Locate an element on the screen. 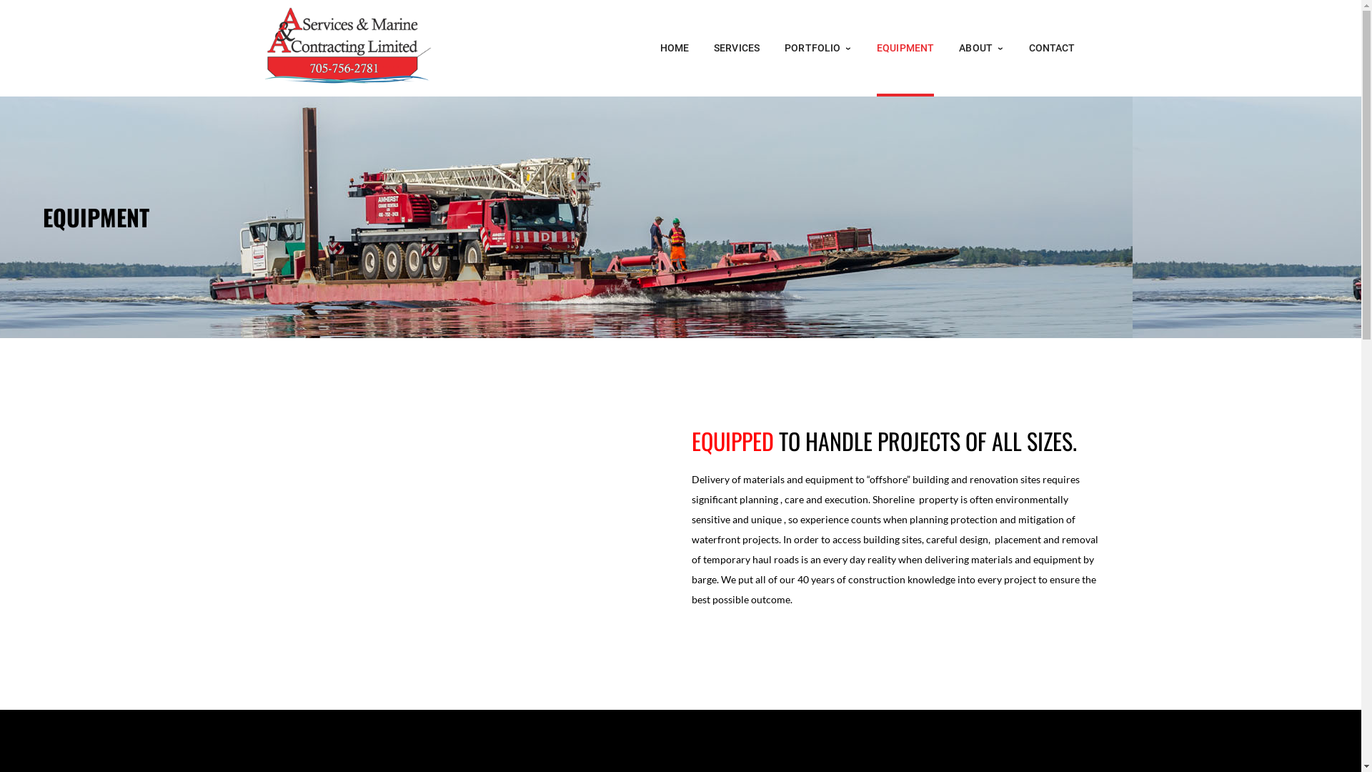 This screenshot has width=1372, height=772. 'HOME' is located at coordinates (674, 47).